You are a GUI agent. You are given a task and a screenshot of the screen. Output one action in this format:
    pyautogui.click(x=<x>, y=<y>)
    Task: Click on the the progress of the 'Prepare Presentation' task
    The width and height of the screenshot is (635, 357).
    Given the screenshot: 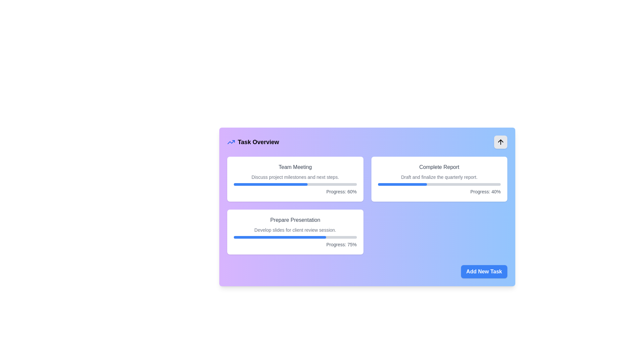 What is the action you would take?
    pyautogui.click(x=272, y=237)
    